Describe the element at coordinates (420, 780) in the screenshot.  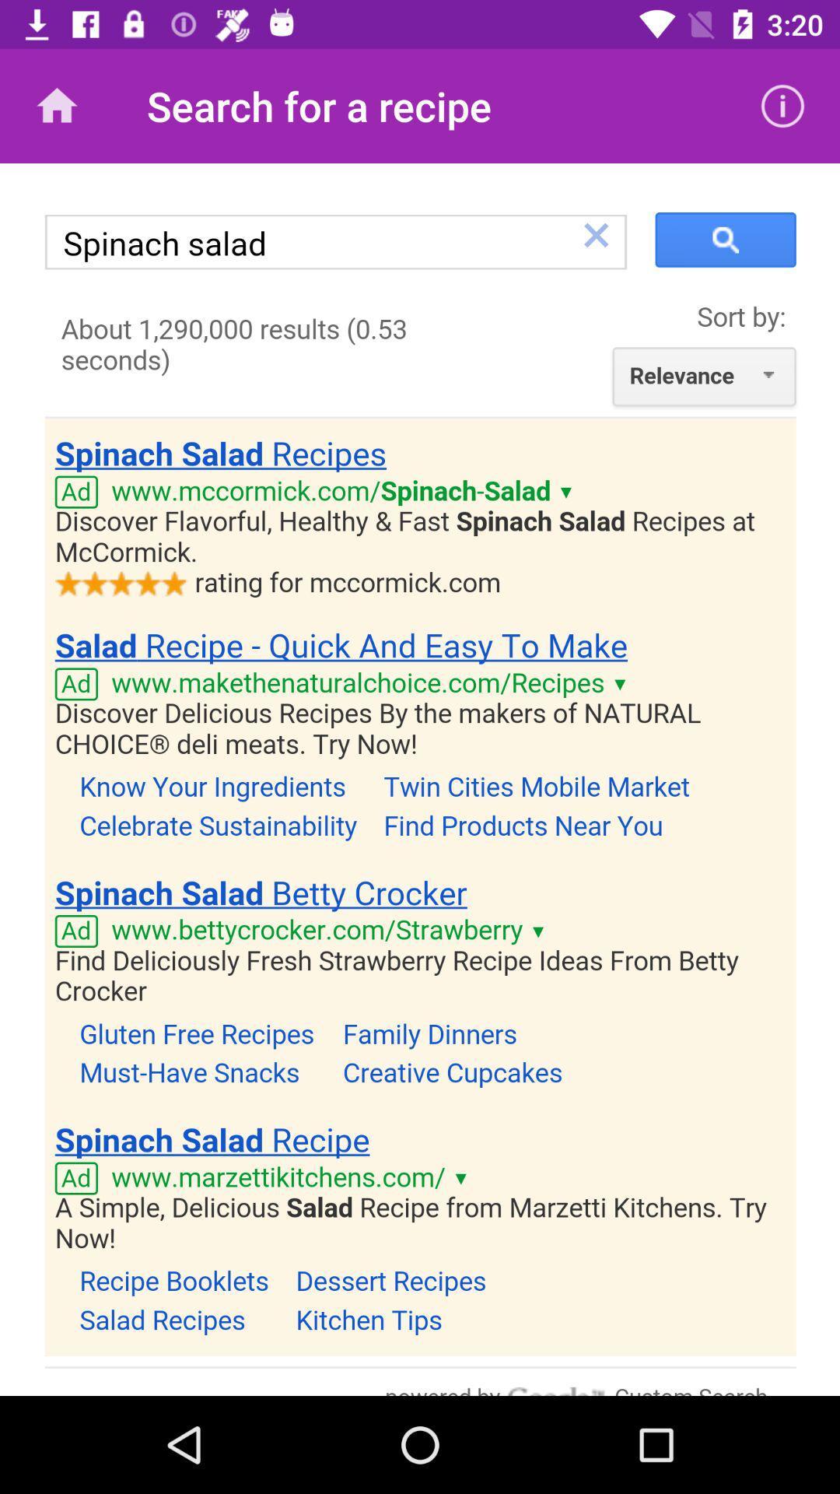
I see `review results` at that location.